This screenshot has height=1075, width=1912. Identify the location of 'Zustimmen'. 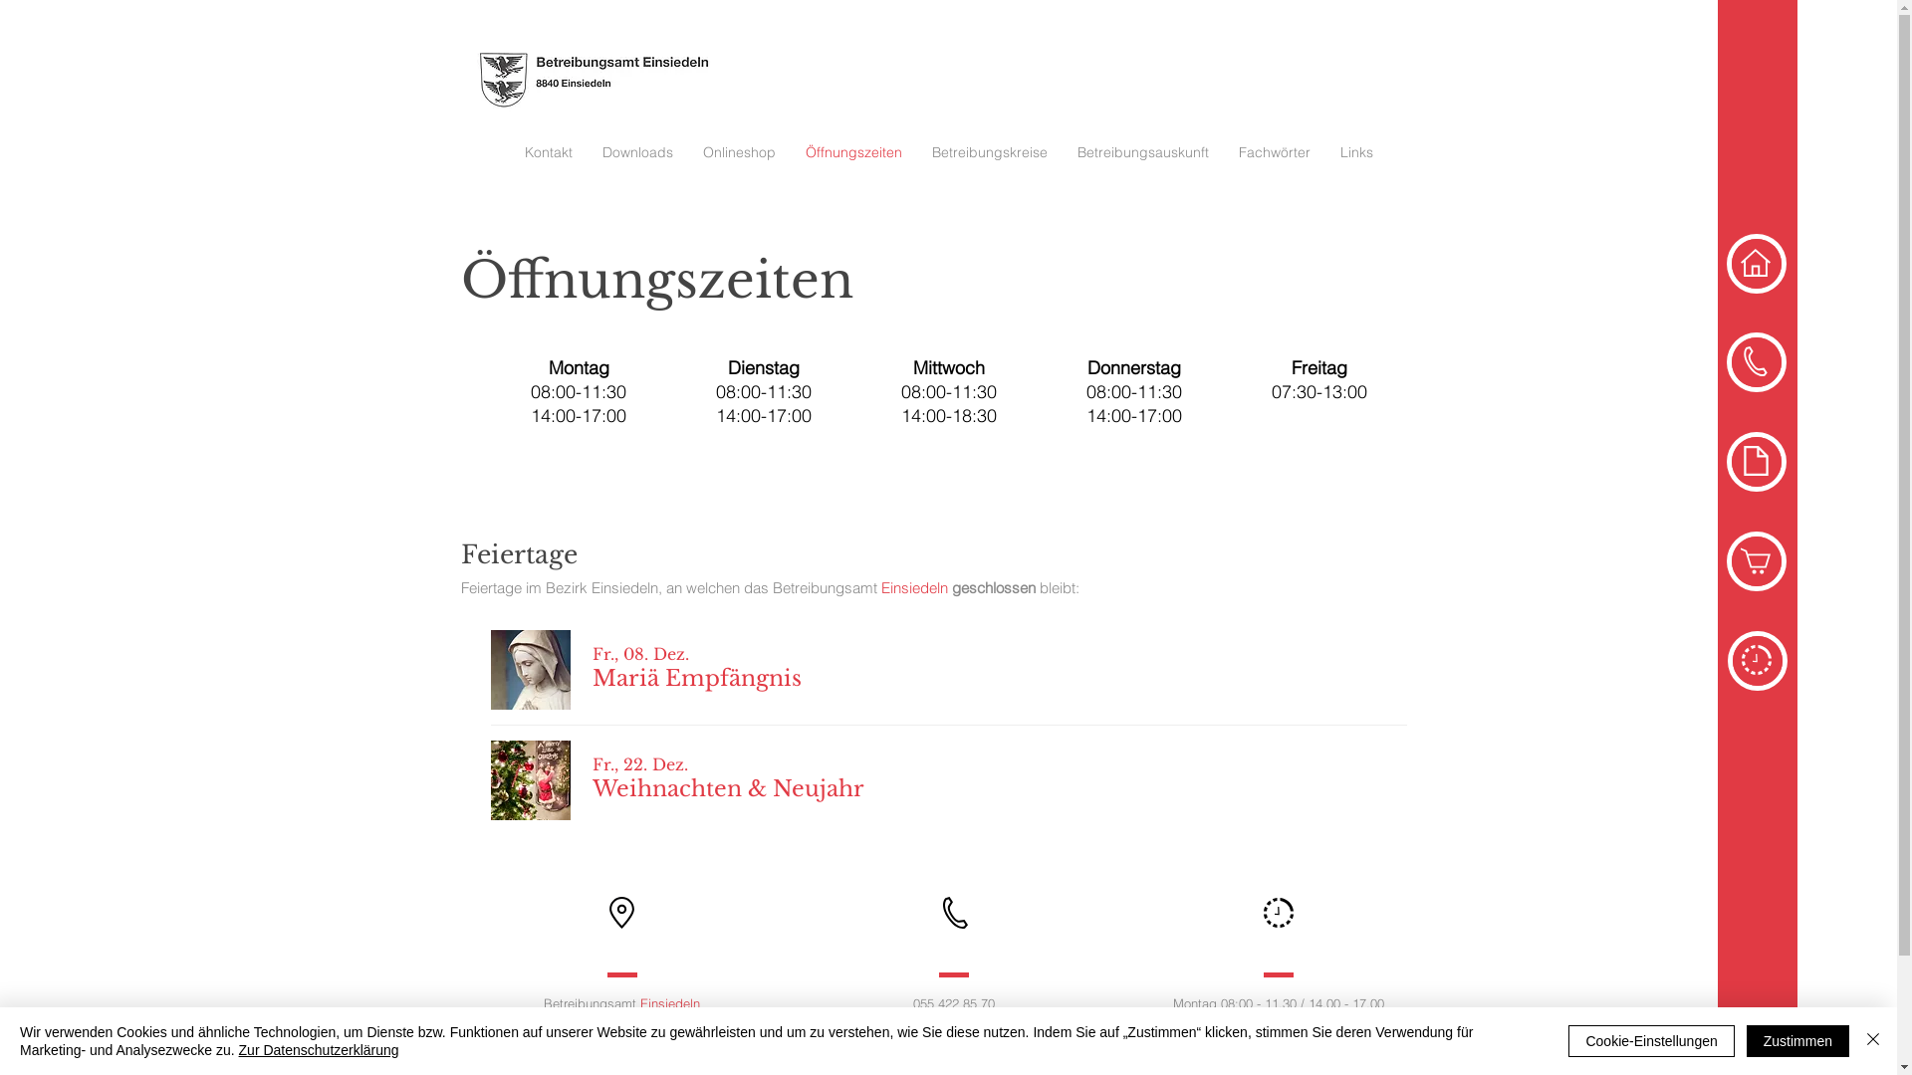
(1797, 1039).